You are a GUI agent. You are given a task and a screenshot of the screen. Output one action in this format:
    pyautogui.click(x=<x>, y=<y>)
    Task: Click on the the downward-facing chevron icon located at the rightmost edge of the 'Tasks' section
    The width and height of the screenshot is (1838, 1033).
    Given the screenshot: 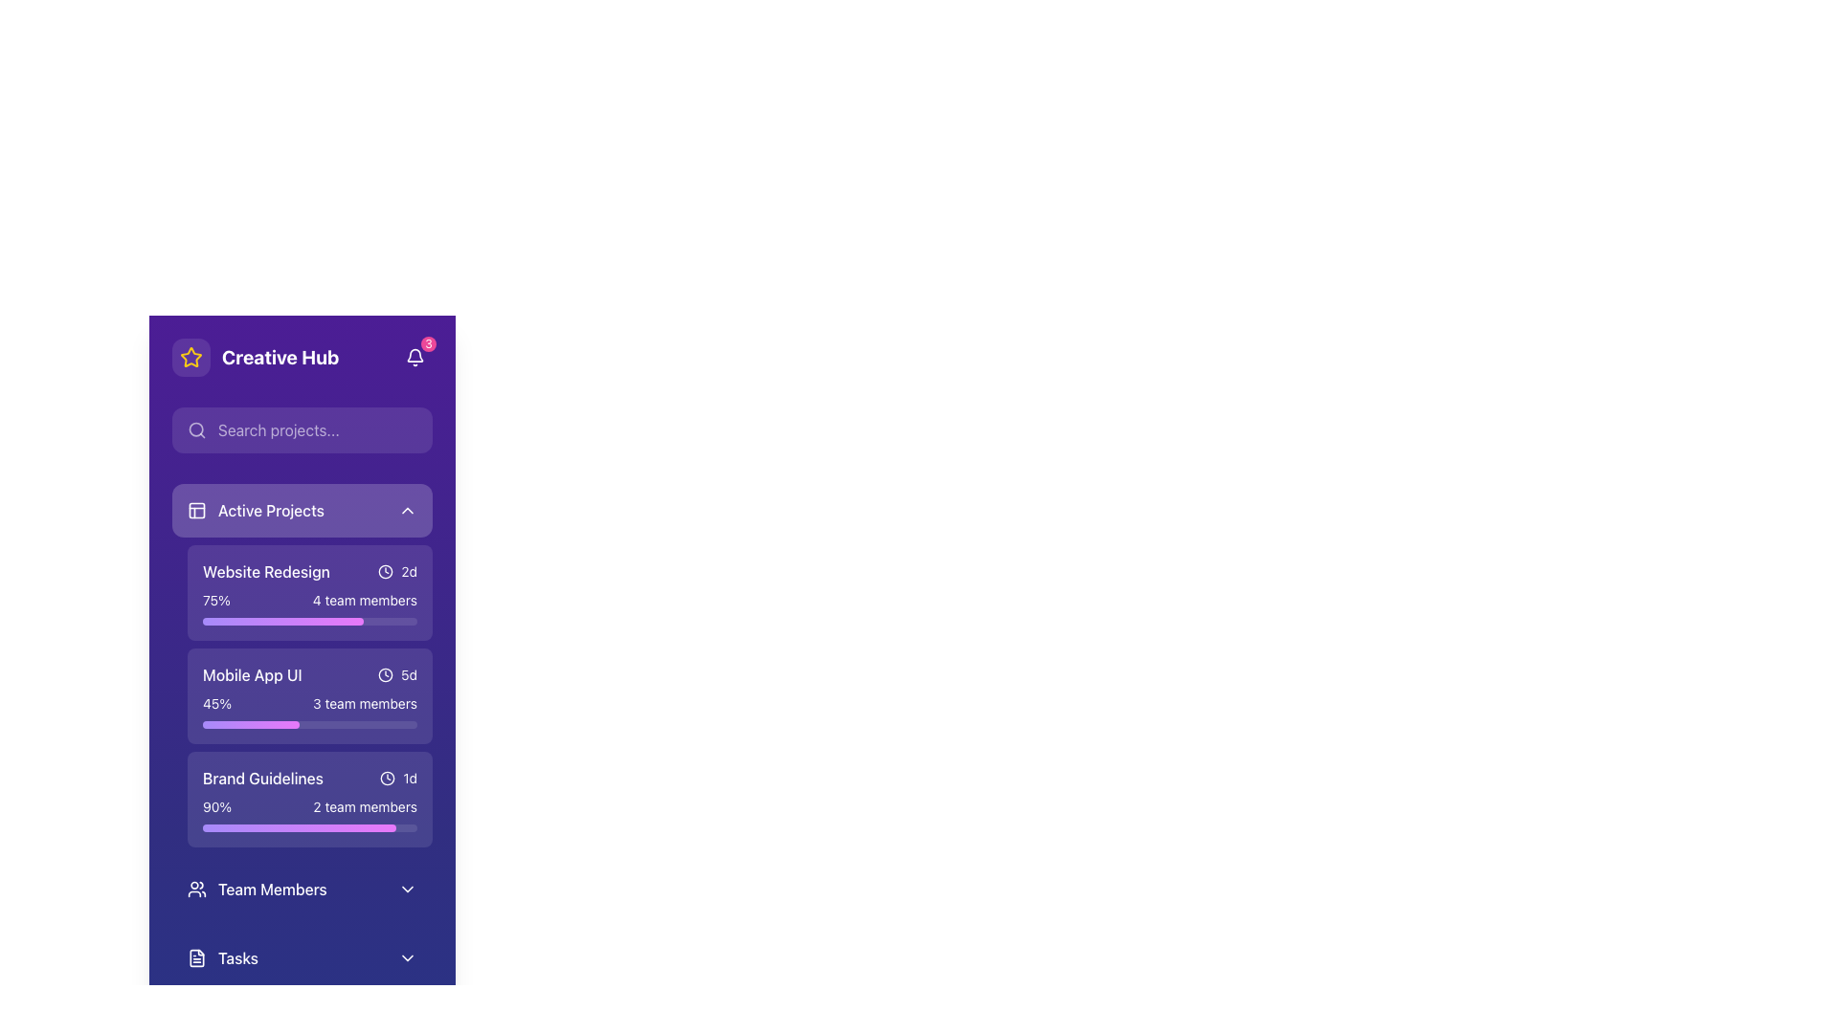 What is the action you would take?
    pyautogui.click(x=407, y=958)
    